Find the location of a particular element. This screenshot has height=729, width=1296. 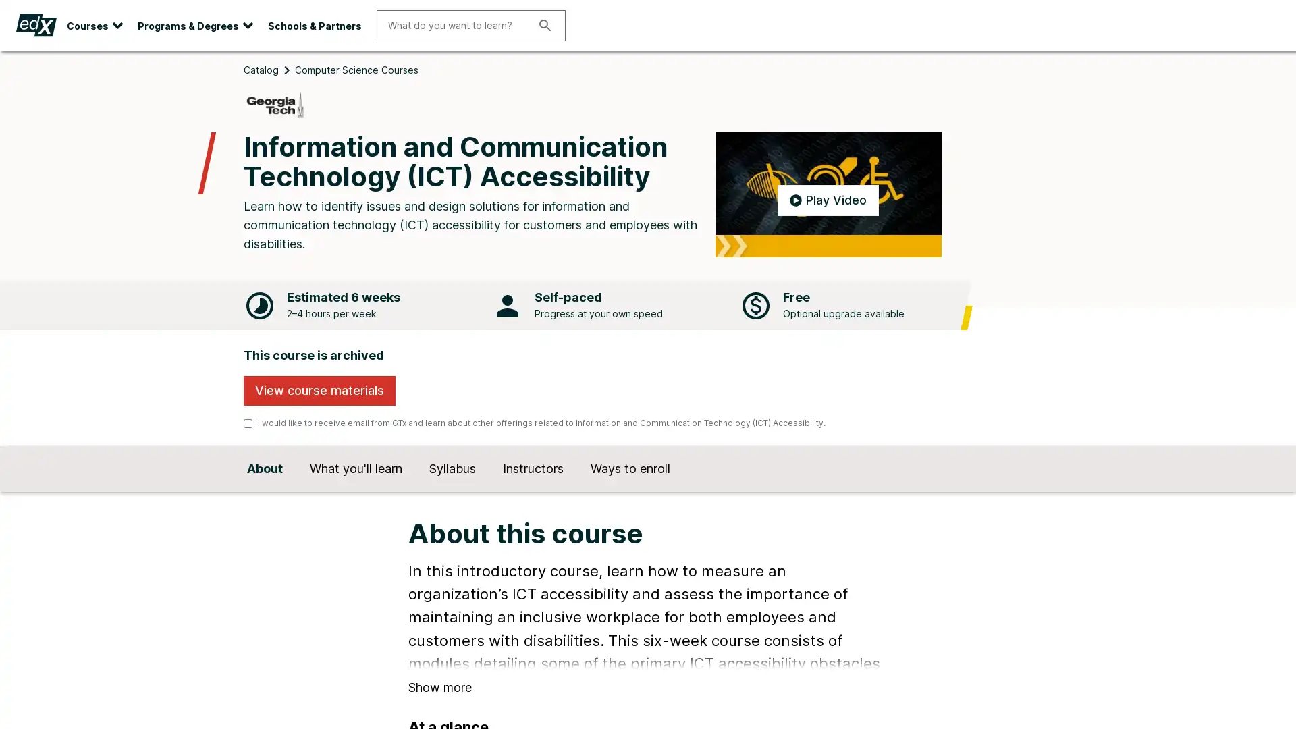

Show more is located at coordinates (440, 707).